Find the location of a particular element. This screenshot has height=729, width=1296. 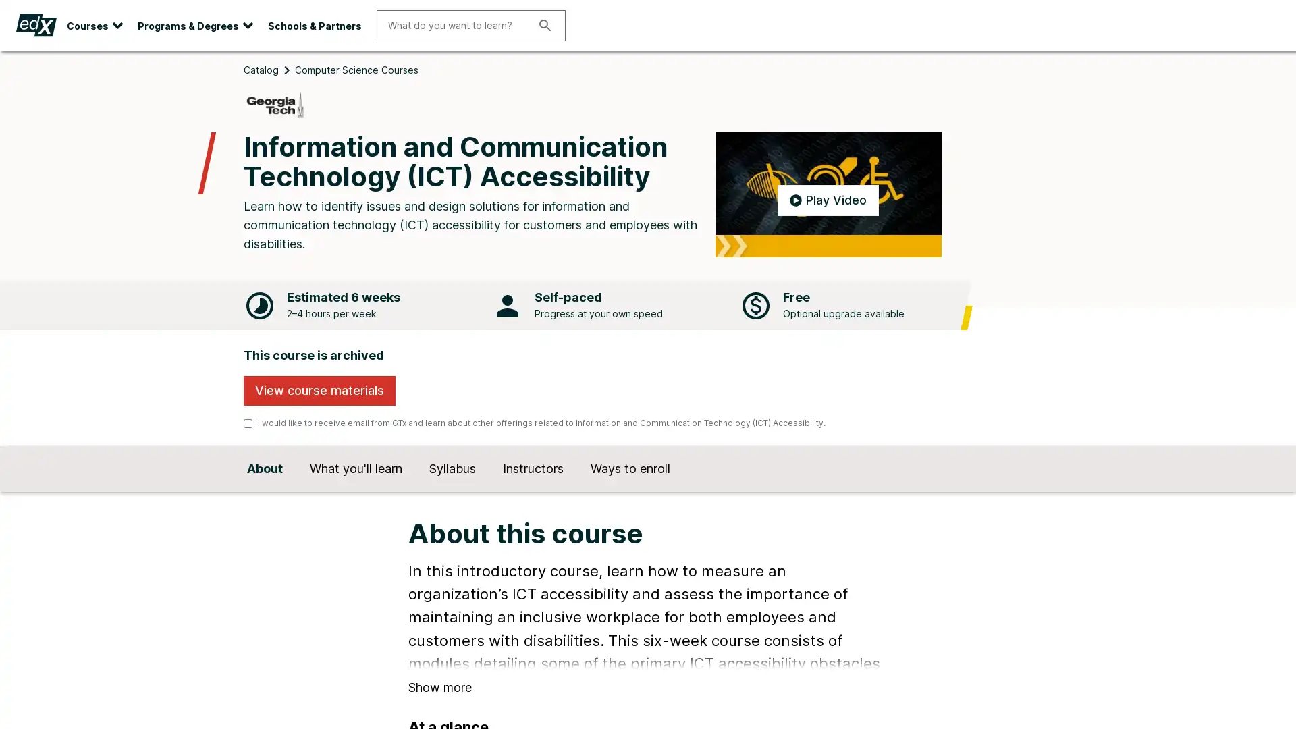

Show more is located at coordinates (440, 707).